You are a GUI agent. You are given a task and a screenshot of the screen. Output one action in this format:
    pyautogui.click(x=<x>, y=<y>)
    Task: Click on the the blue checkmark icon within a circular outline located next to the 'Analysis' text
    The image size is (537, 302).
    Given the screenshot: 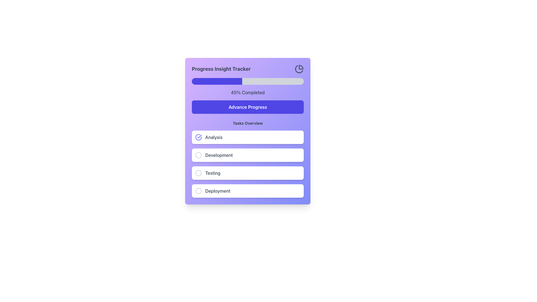 What is the action you would take?
    pyautogui.click(x=199, y=137)
    